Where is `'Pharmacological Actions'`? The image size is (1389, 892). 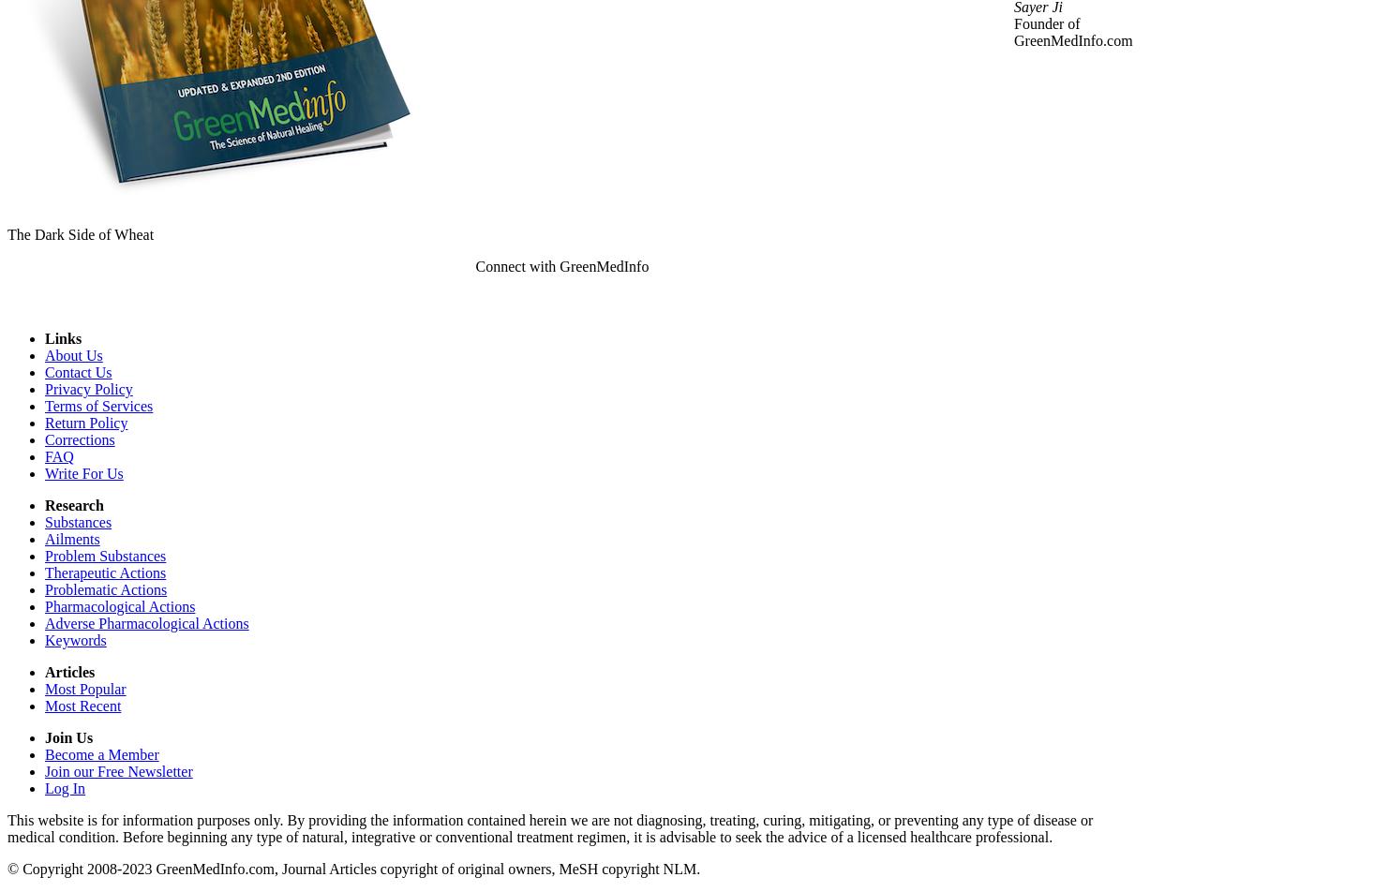
'Pharmacological Actions' is located at coordinates (120, 605).